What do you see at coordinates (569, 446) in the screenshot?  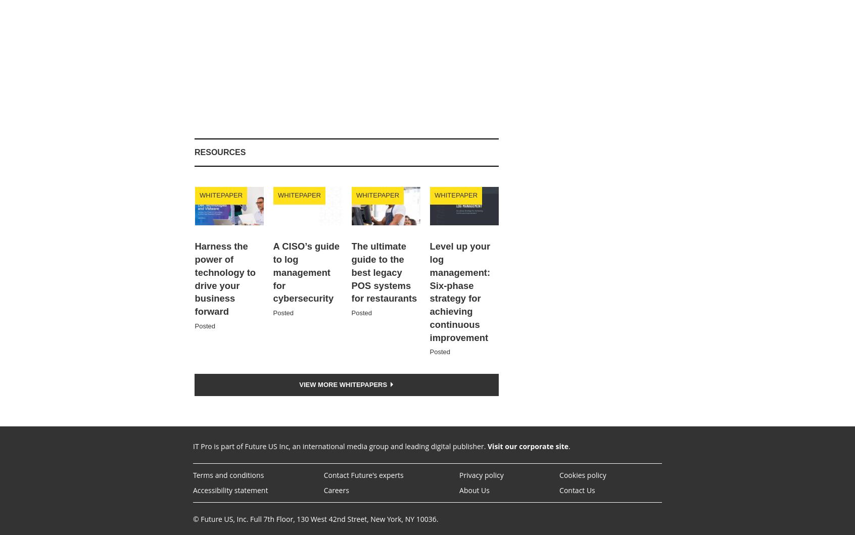 I see `'.'` at bounding box center [569, 446].